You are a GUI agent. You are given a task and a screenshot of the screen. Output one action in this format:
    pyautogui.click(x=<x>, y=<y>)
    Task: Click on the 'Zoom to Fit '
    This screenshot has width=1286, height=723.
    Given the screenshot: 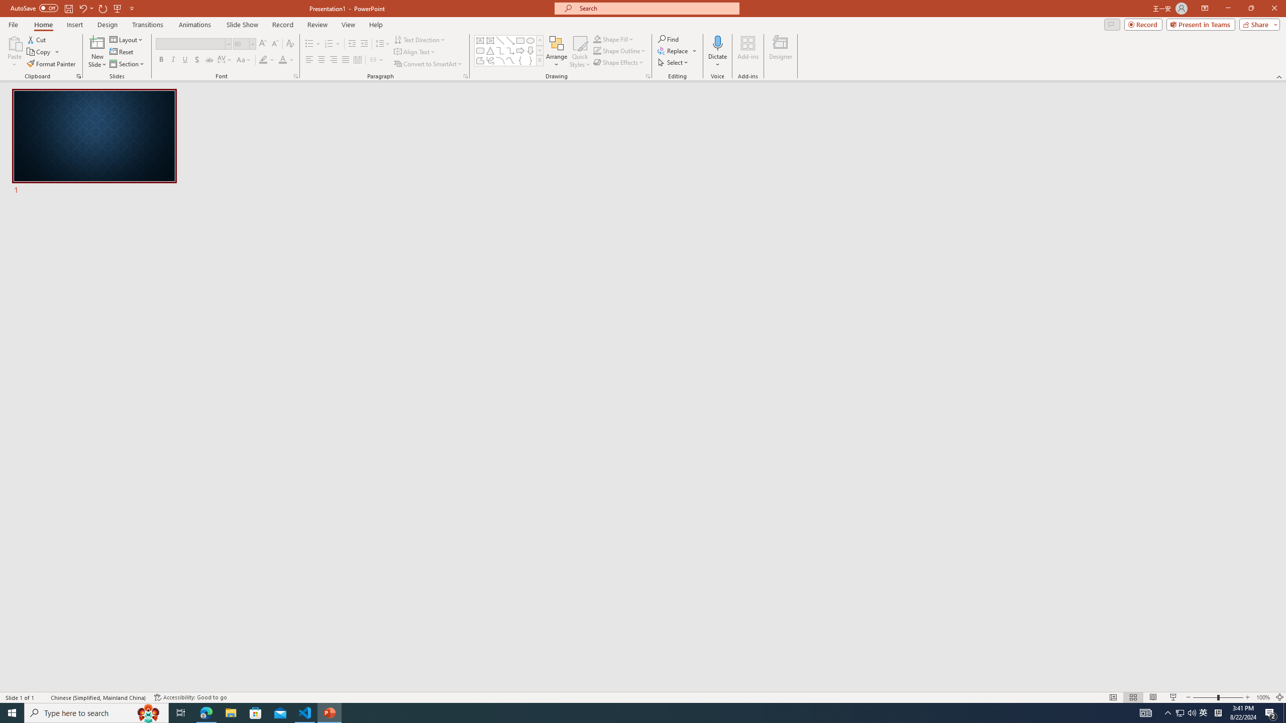 What is the action you would take?
    pyautogui.click(x=1279, y=697)
    